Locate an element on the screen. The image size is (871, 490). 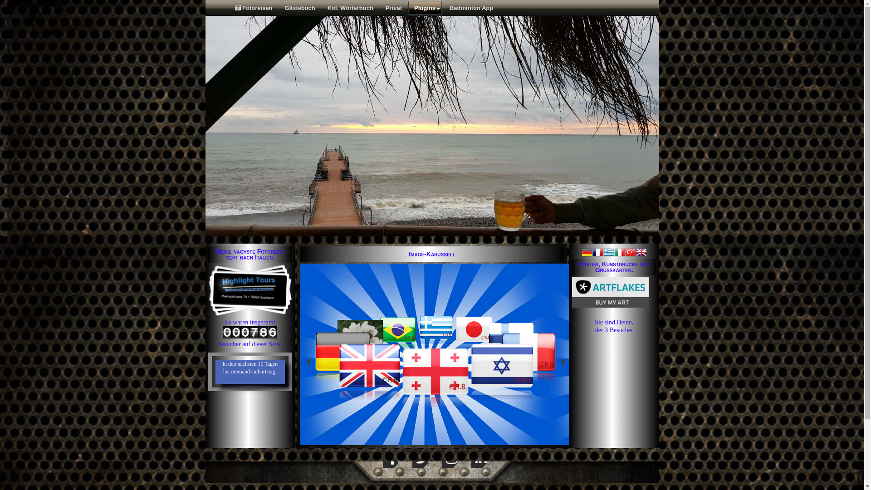
'Fotoreisen' is located at coordinates (252, 8).